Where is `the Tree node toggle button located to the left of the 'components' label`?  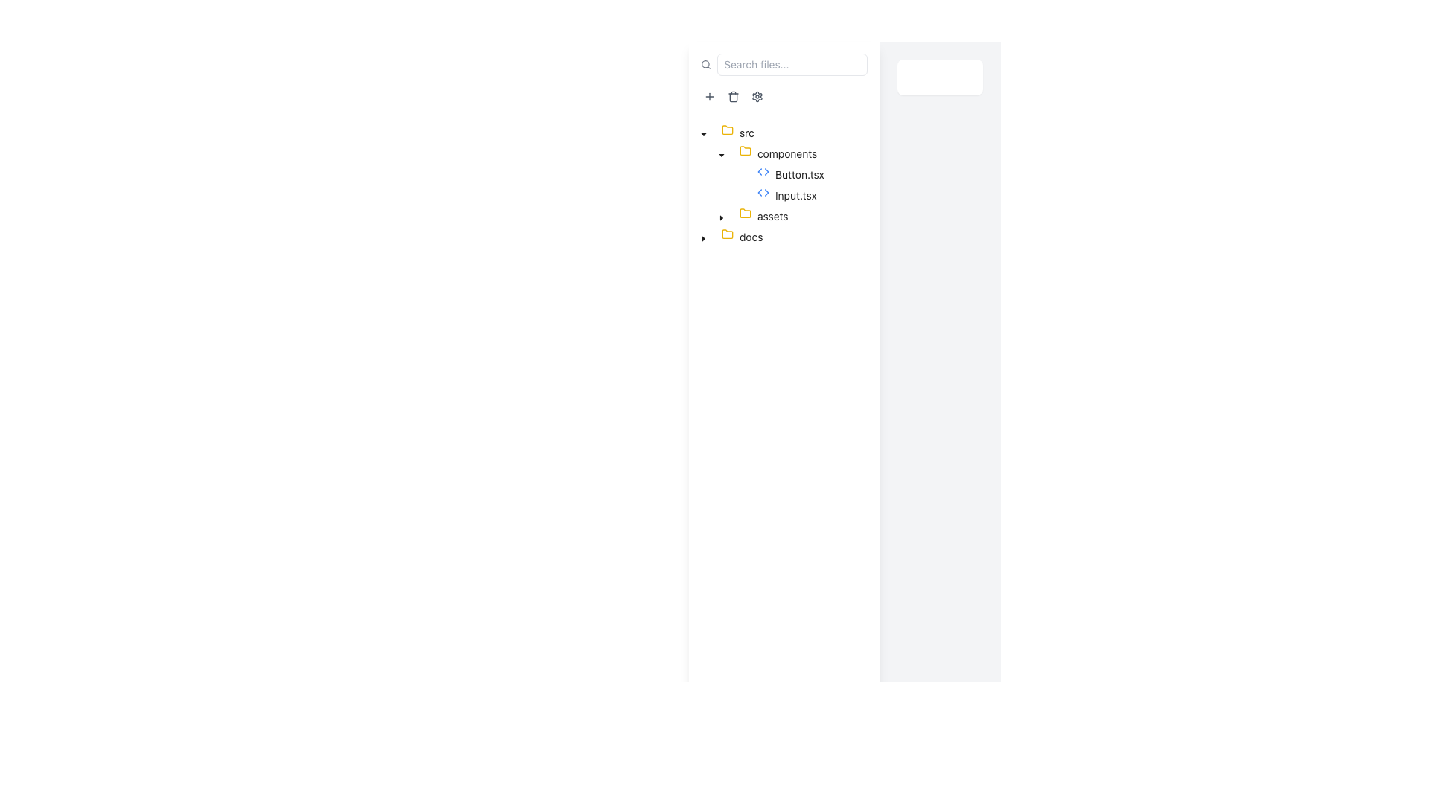
the Tree node toggle button located to the left of the 'components' label is located at coordinates (722, 154).